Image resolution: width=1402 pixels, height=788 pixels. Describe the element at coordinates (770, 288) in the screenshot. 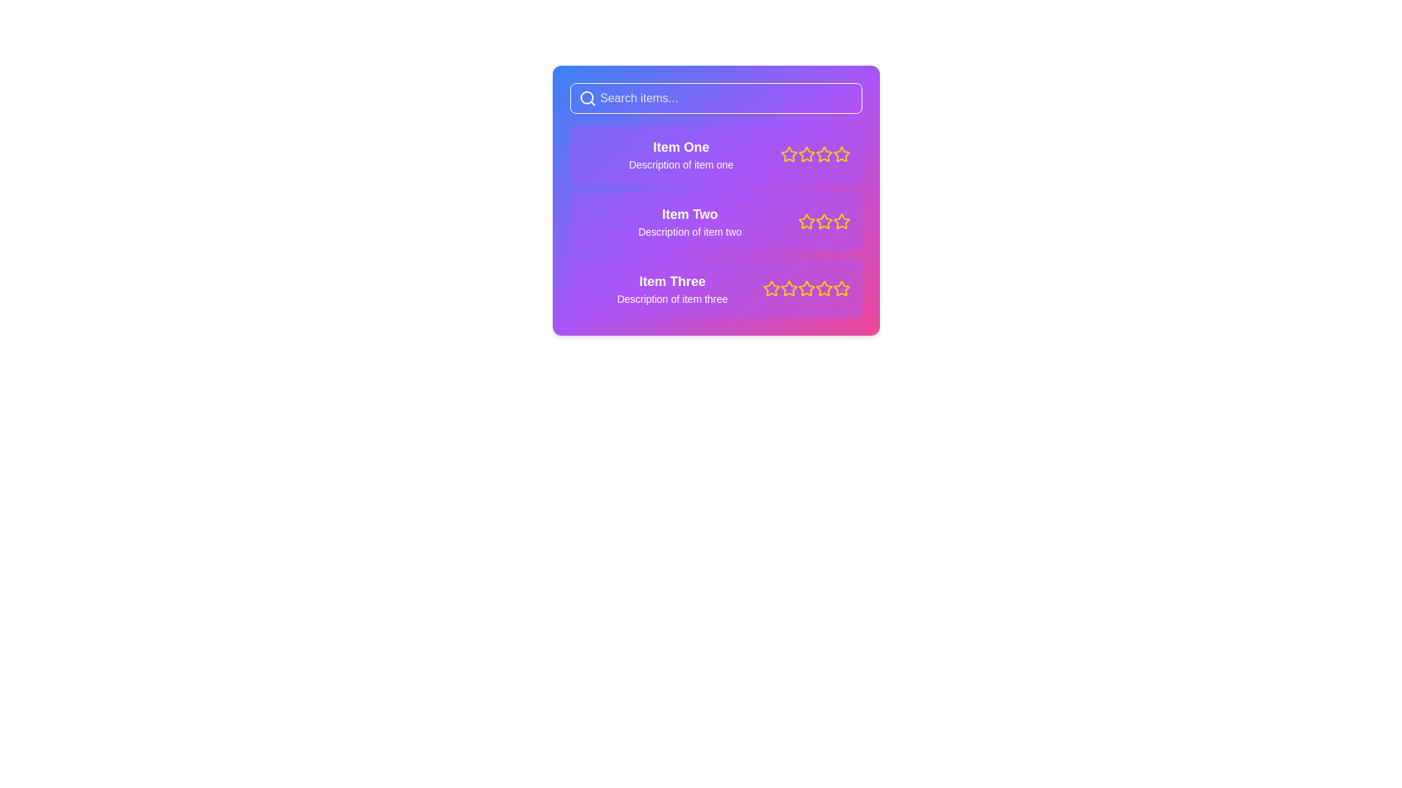

I see `the first rating star icon next to 'Item Three' in the list view panel` at that location.